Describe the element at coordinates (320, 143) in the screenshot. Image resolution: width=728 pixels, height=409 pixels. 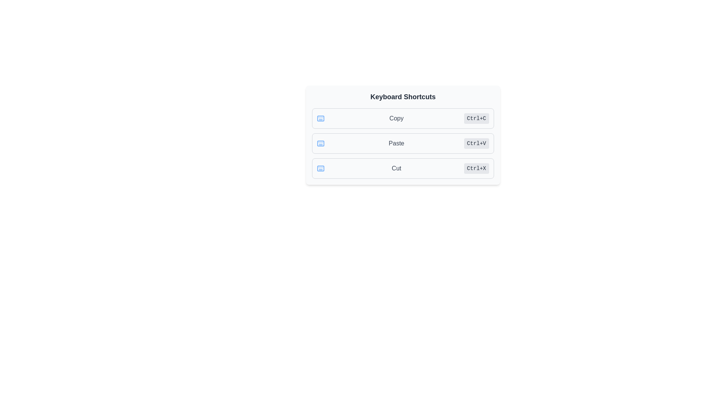
I see `the SVG keyboard icon located in the left section of the 'Paste' option row, which features a simplistic depiction of keys and a blue coloring scheme` at that location.